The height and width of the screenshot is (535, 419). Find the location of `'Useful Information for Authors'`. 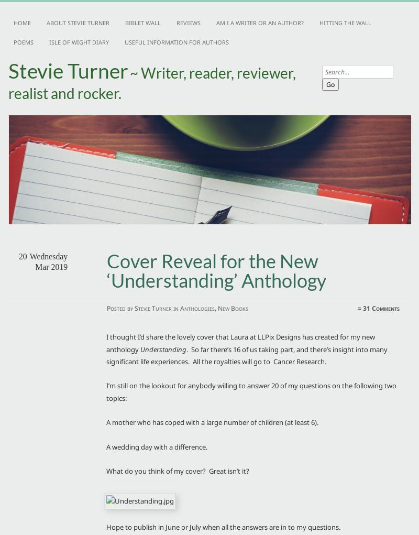

'Useful Information for Authors' is located at coordinates (124, 41).